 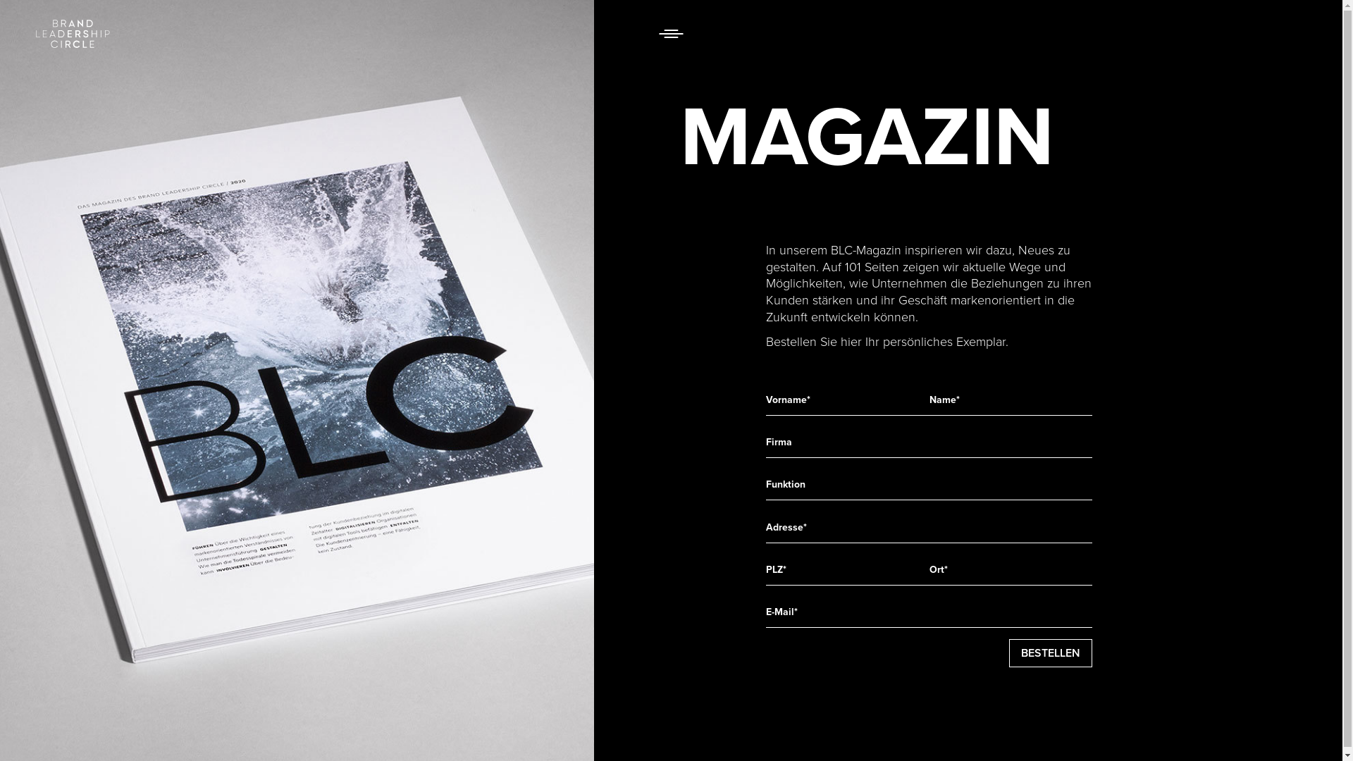 I want to click on 'Bestellen', so click(x=1051, y=652).